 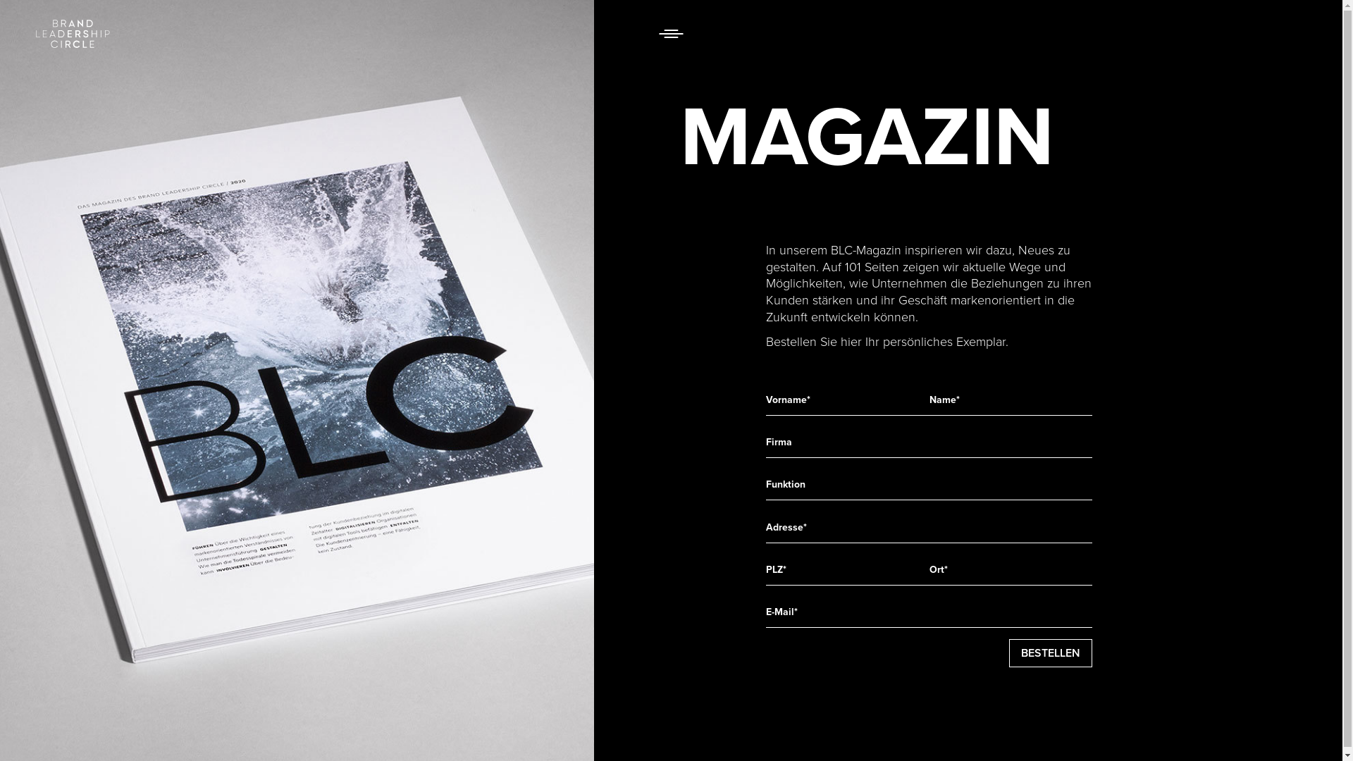 I want to click on 'Bestellen', so click(x=1051, y=652).